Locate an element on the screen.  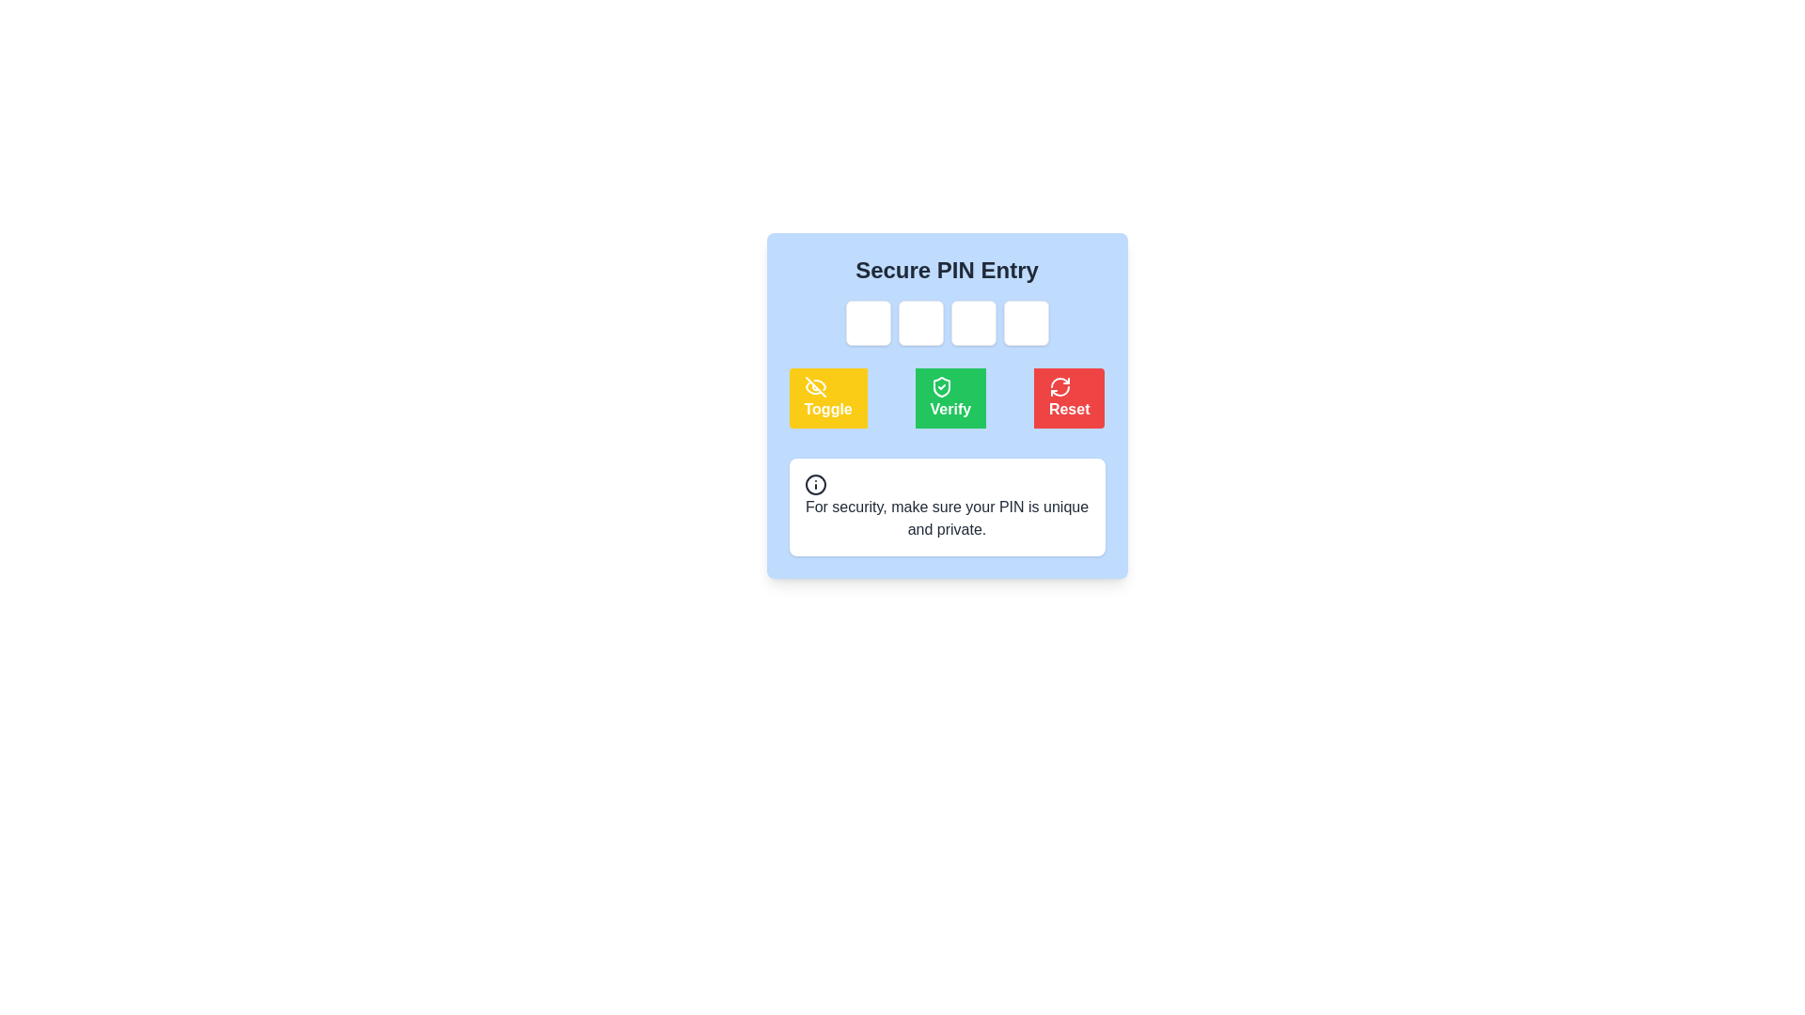
the reset button, which features a unique refresh icon made of two circular arrows is located at coordinates (1060, 386).